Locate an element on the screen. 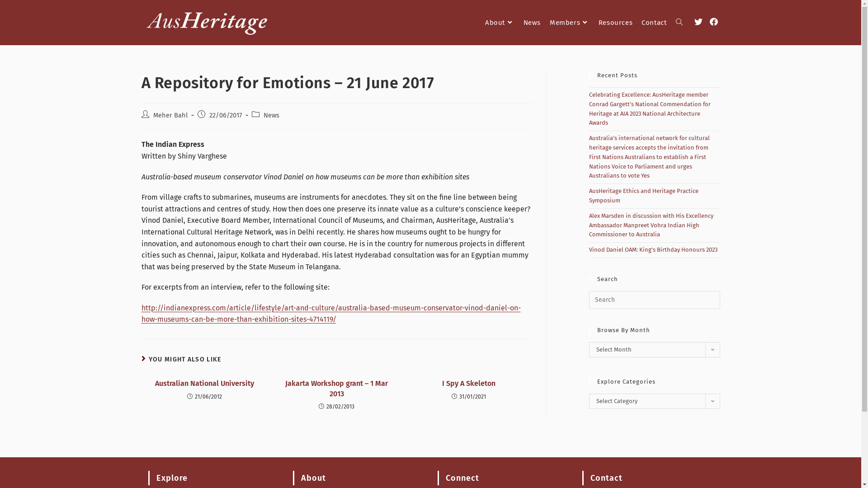 This screenshot has height=488, width=868. 'Resources' is located at coordinates (615, 22).